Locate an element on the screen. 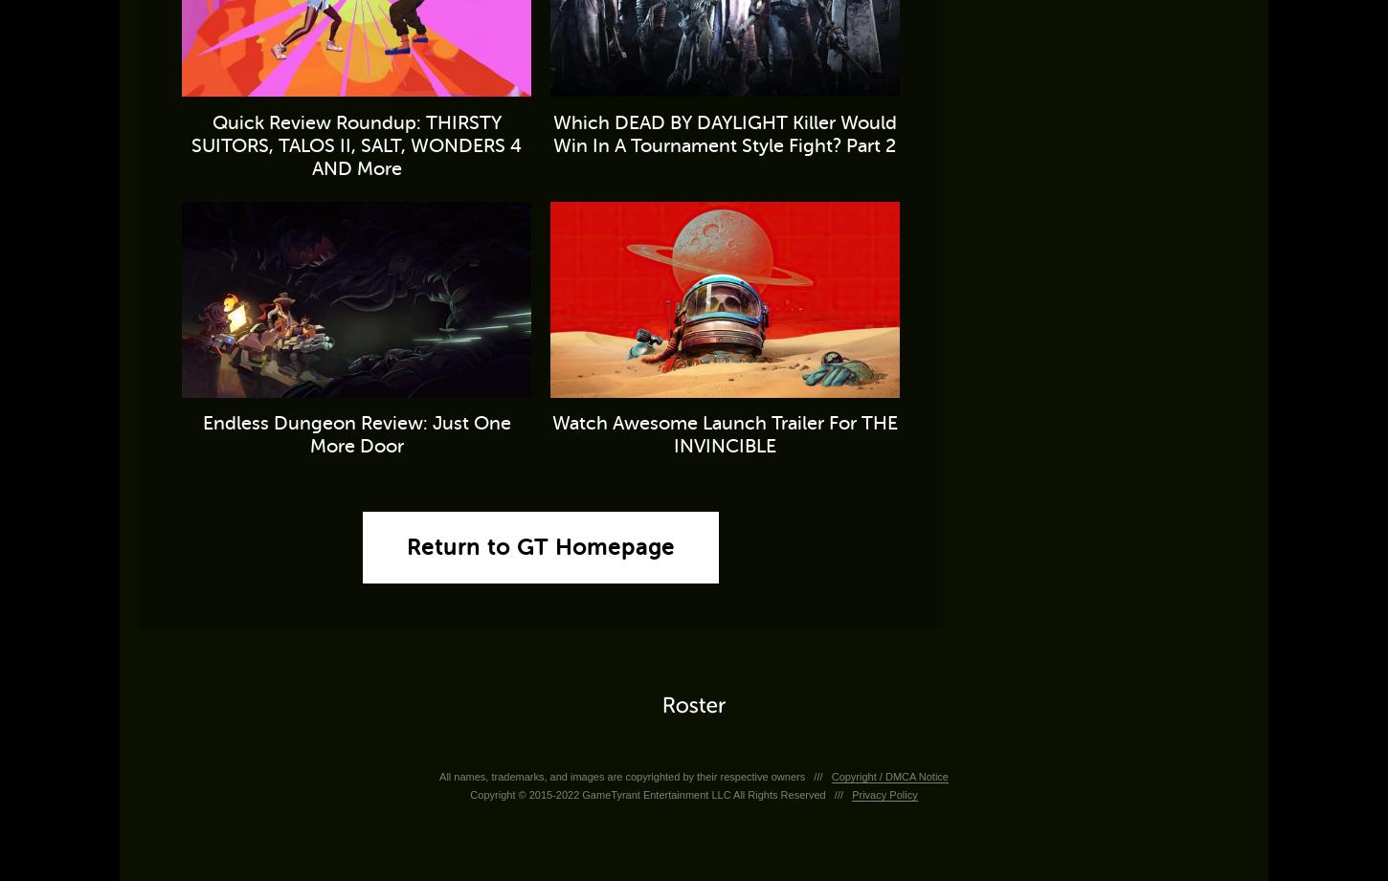 This screenshot has width=1388, height=881. 'Roster' is located at coordinates (692, 705).